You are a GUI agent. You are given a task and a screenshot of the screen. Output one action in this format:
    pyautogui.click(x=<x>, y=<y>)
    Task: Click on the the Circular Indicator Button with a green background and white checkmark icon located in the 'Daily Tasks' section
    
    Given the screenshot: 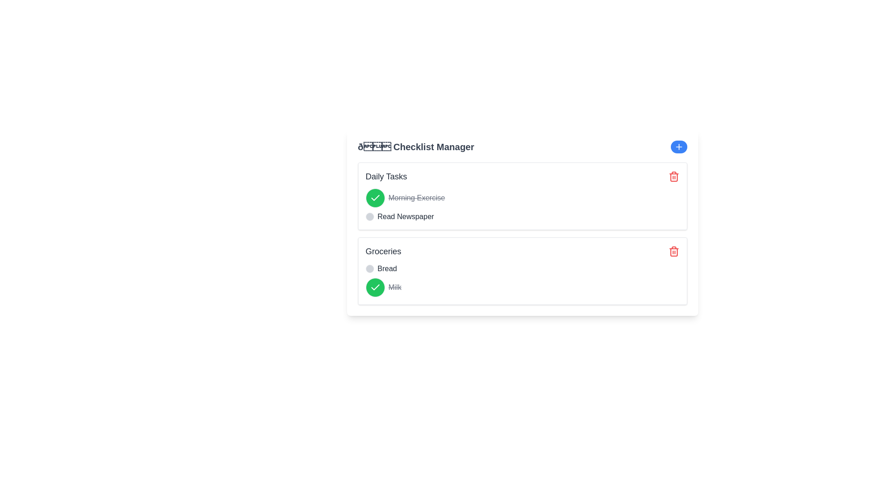 What is the action you would take?
    pyautogui.click(x=375, y=198)
    